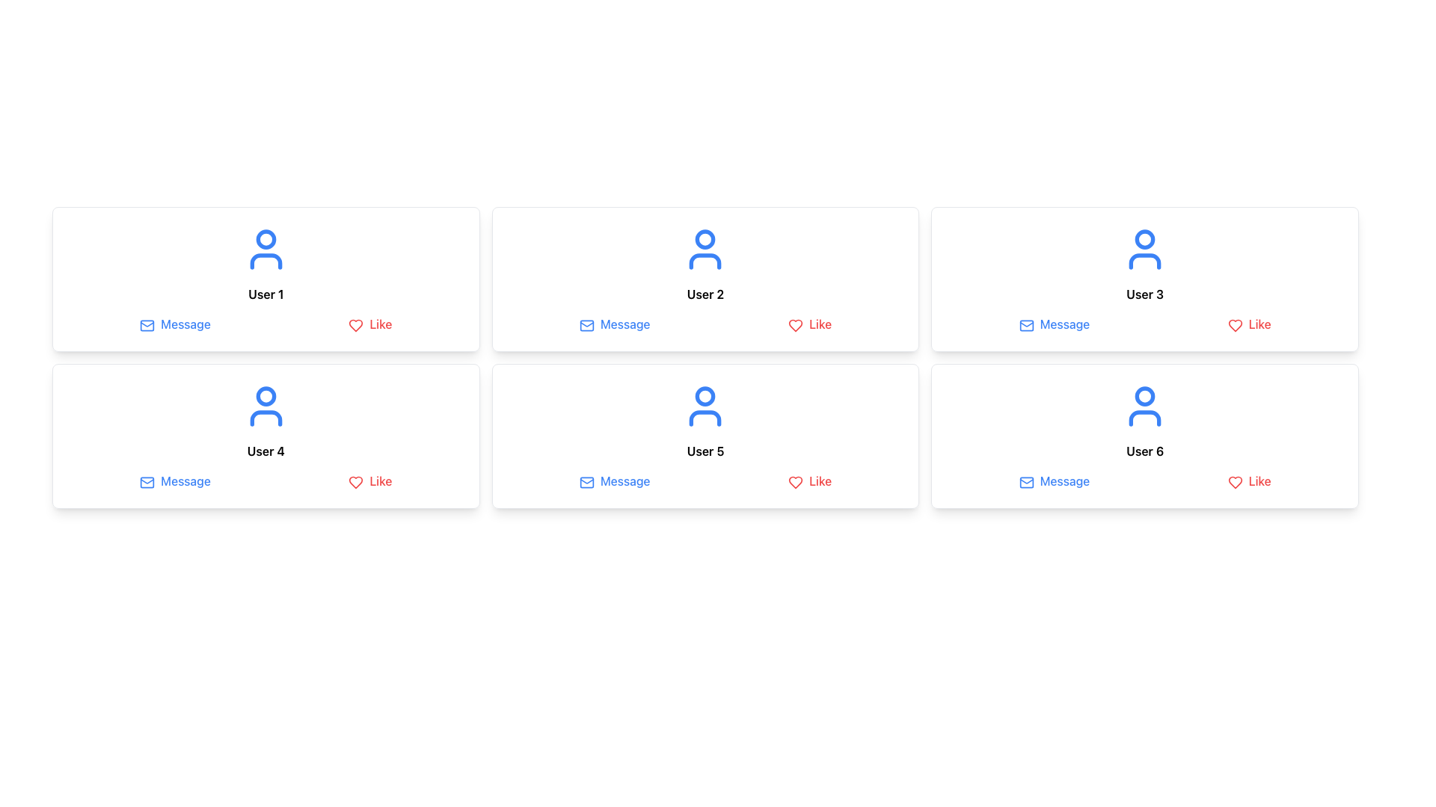 The width and height of the screenshot is (1436, 807). What do you see at coordinates (266, 451) in the screenshot?
I see `text displayed in the bold, centered text label showing 'User 4', located beneath the blue user avatar and above the 'Message' and 'Like' buttons` at bounding box center [266, 451].